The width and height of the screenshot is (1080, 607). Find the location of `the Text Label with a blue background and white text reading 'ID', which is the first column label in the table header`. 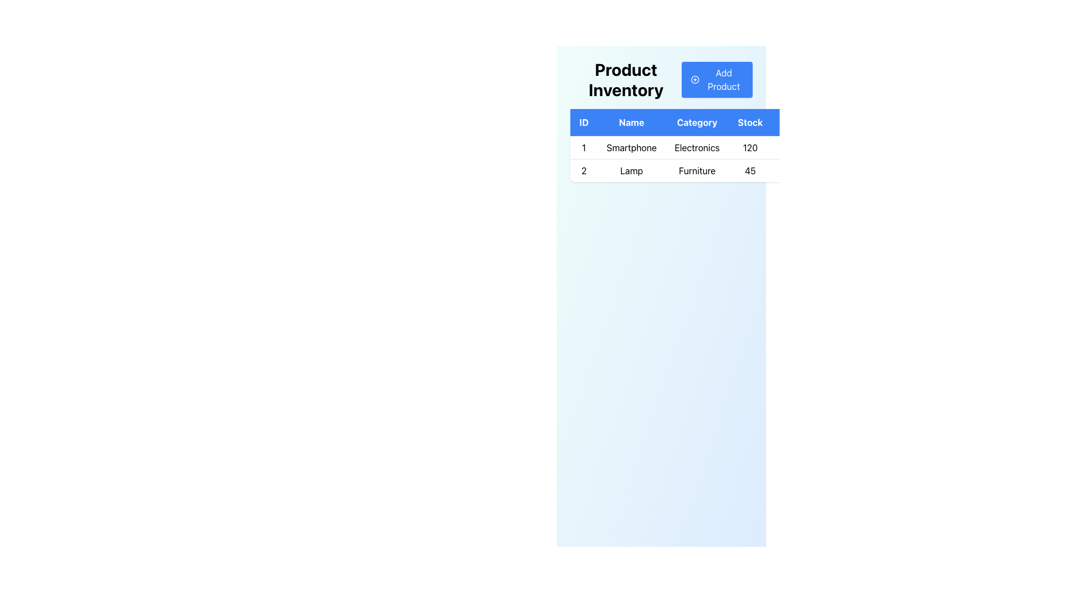

the Text Label with a blue background and white text reading 'ID', which is the first column label in the table header is located at coordinates (584, 123).